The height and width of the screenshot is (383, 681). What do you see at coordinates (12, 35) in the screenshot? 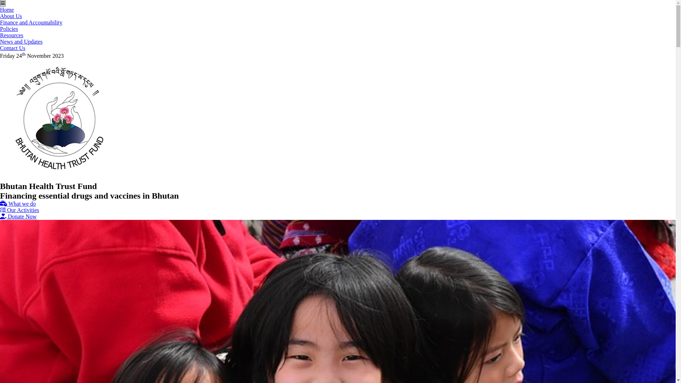
I see `'Resources'` at bounding box center [12, 35].